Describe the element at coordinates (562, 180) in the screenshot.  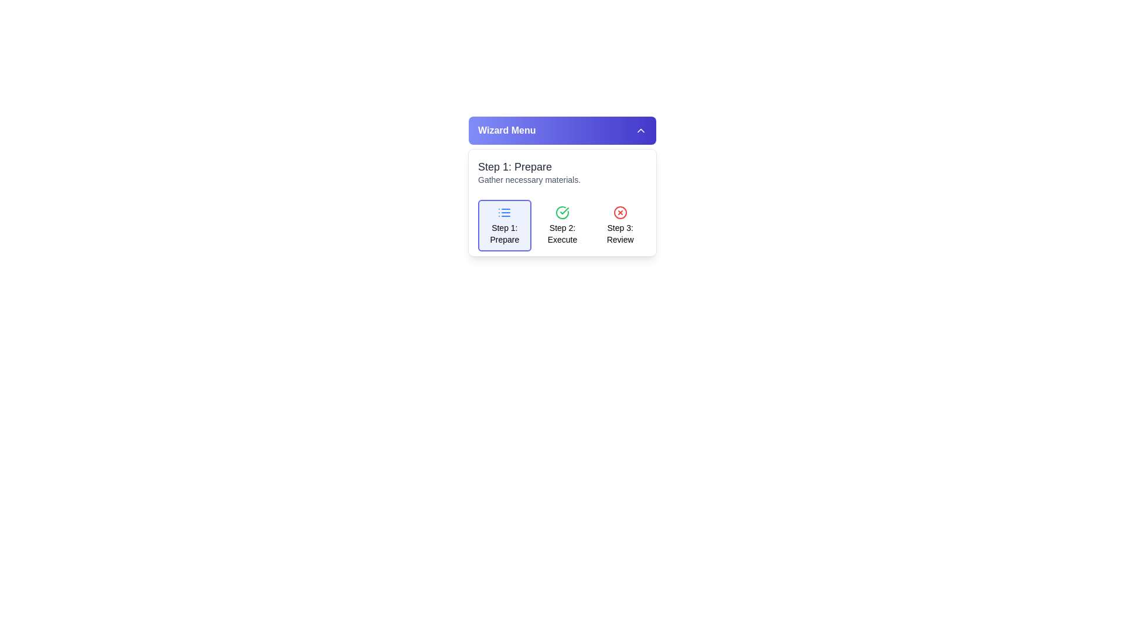
I see `the informational text that reads 'Gather necessary materials.' located directly below the heading 'Step 1: Prepare'` at that location.